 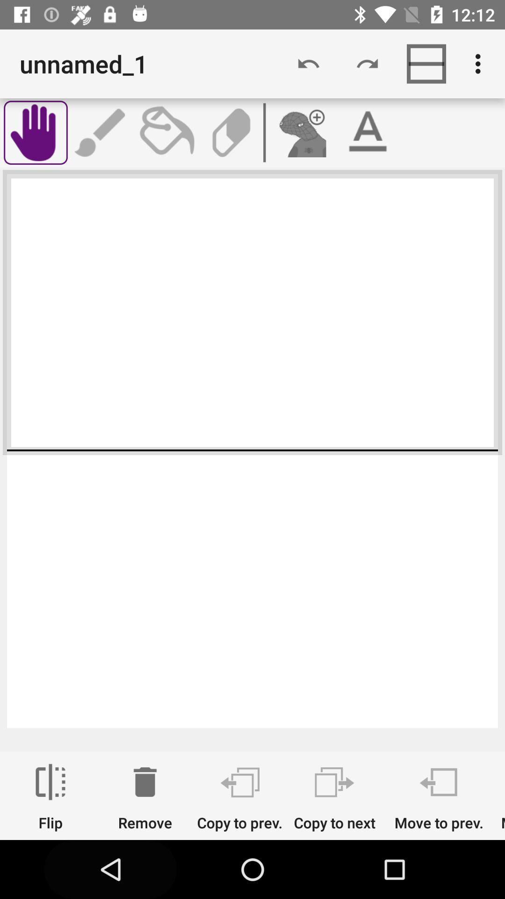 I want to click on write a message, so click(x=101, y=132).